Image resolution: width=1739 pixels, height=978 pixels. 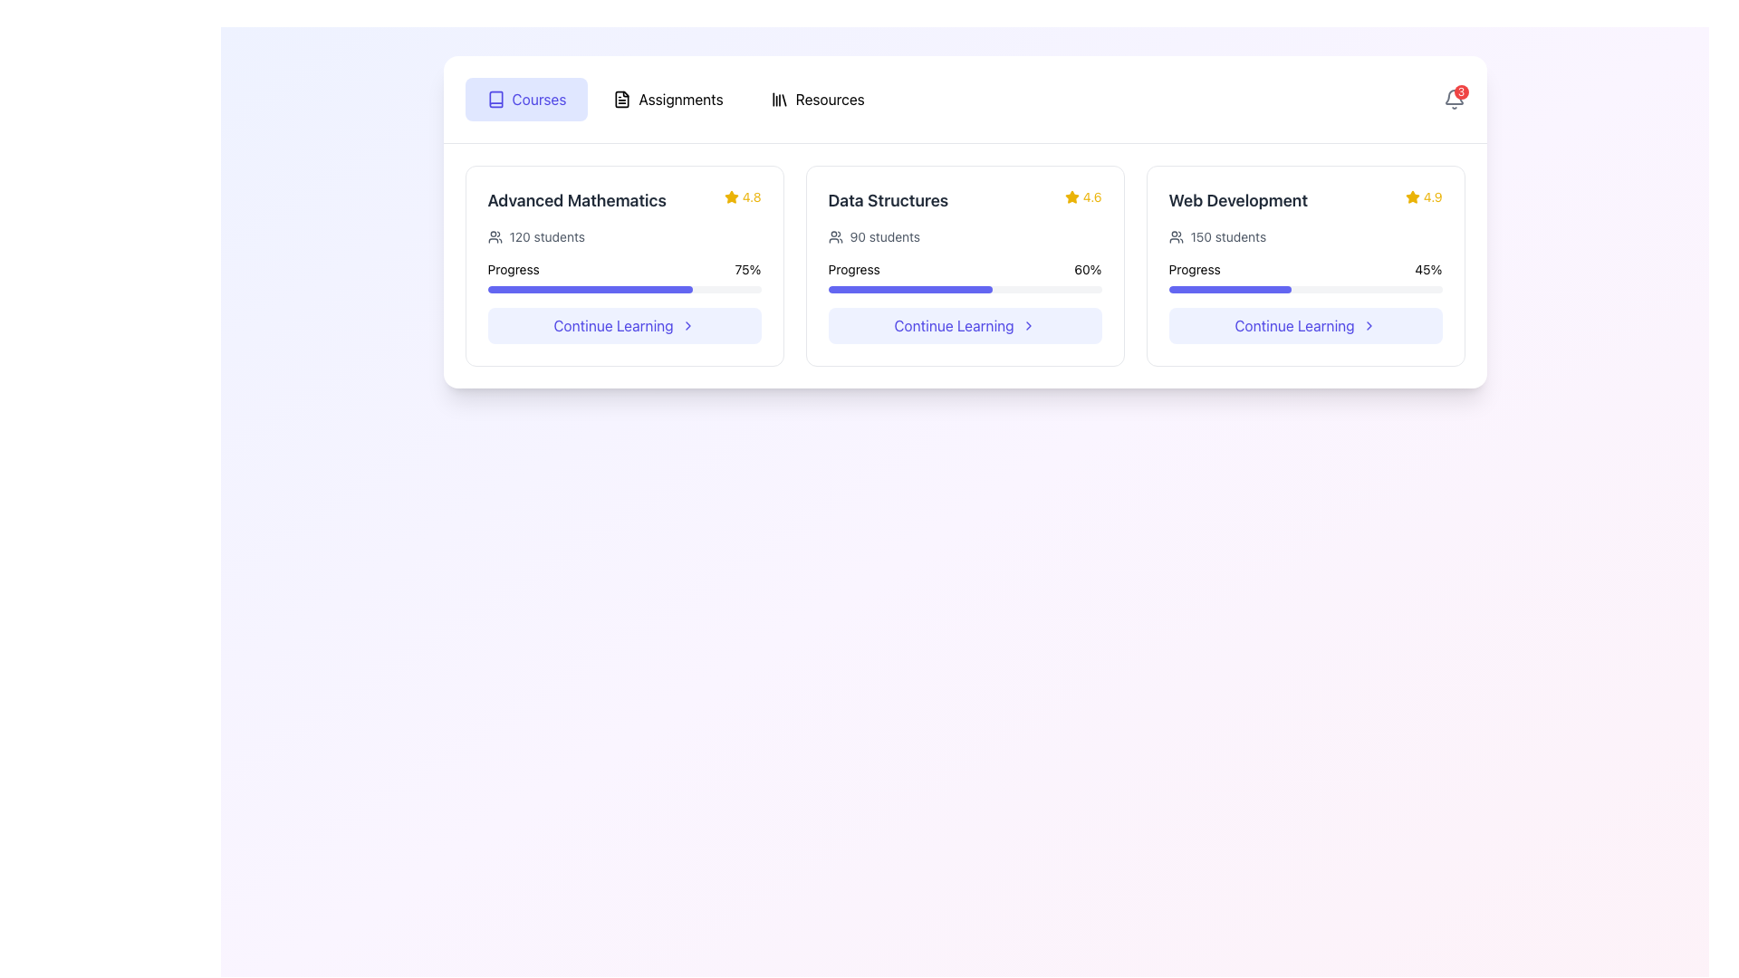 I want to click on the 'Courses' text within the navigation button, which is bold and prominently styled, located at the top left of the interface, so click(x=538, y=100).